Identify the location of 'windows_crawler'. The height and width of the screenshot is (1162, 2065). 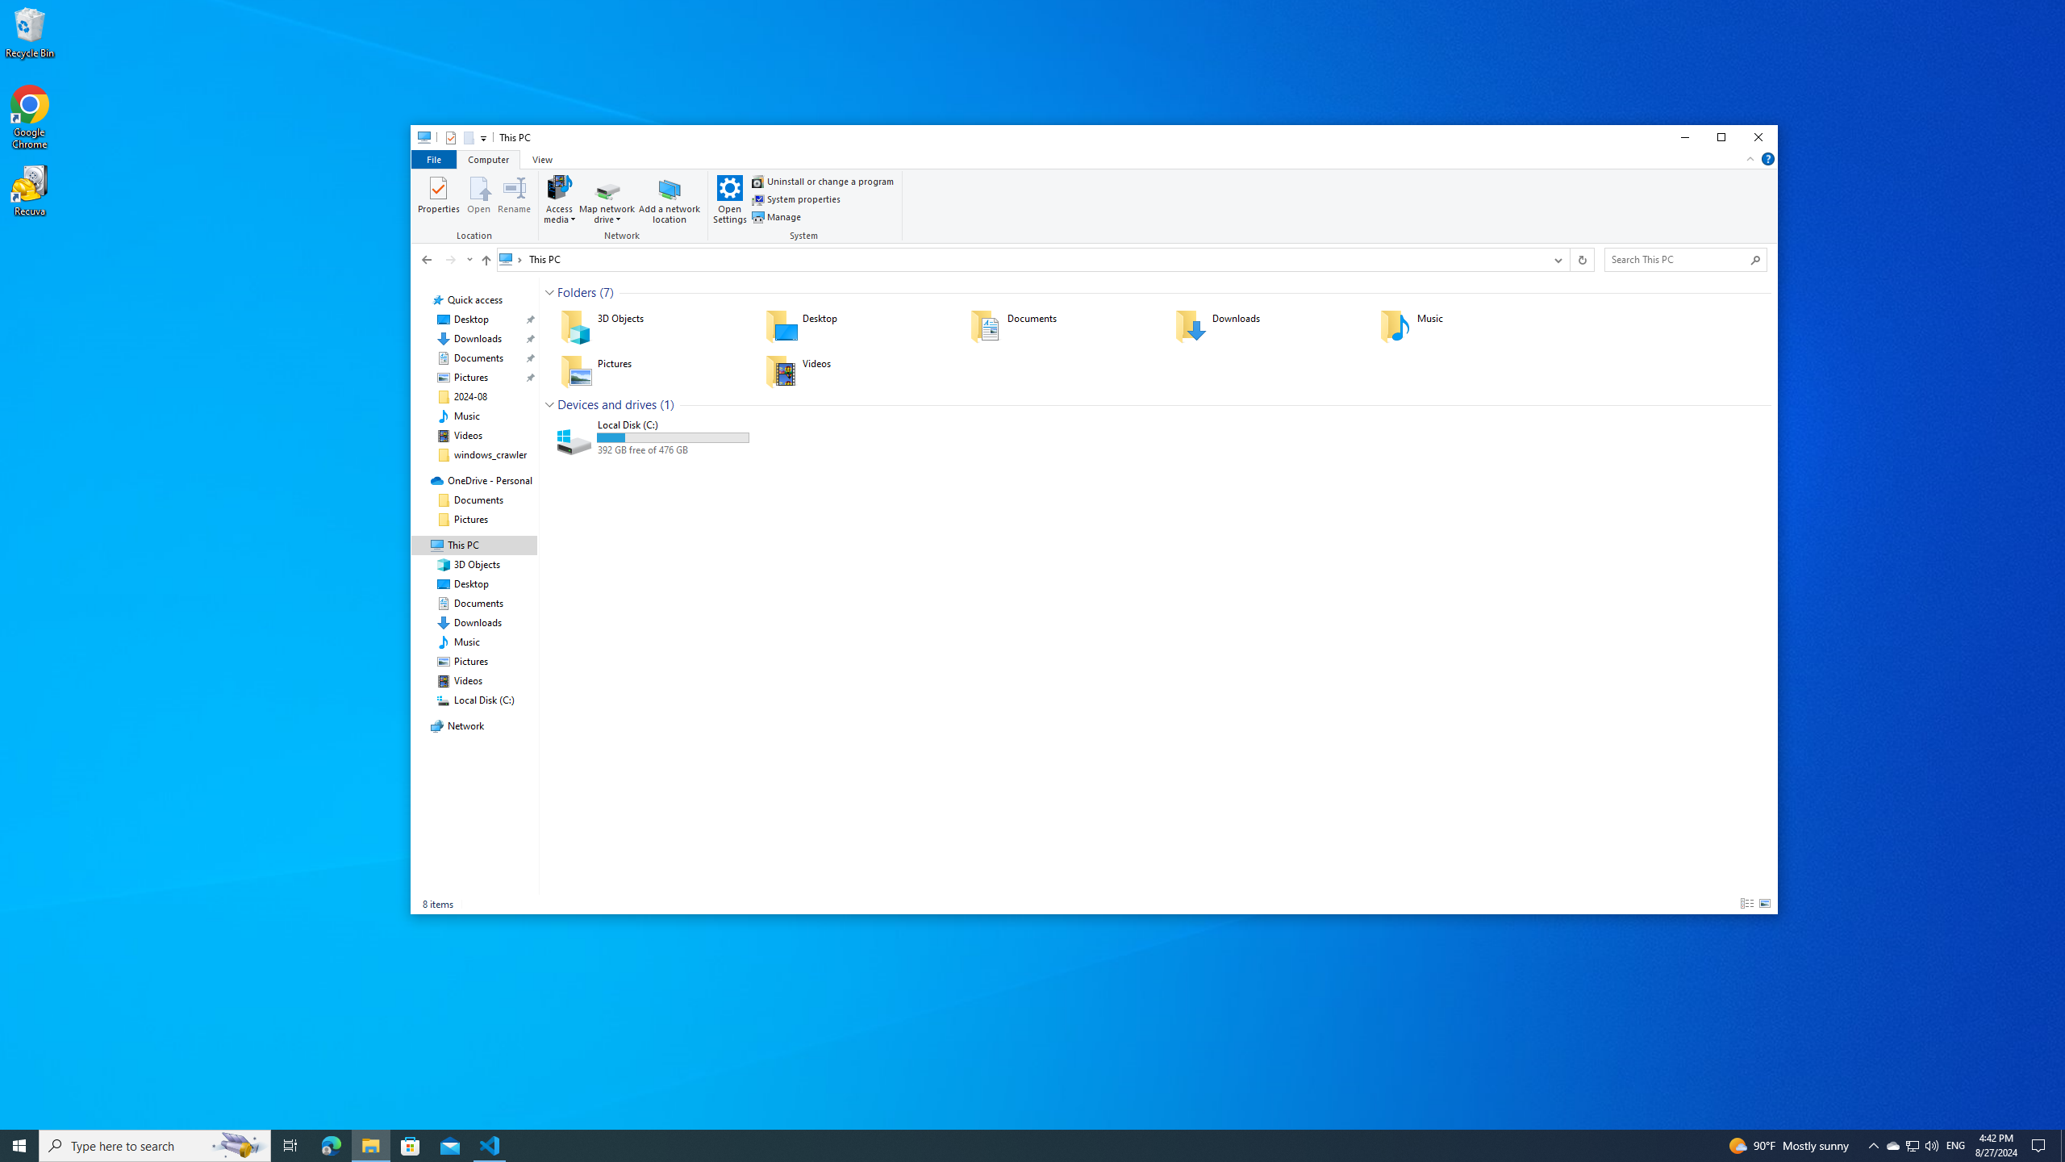
(490, 454).